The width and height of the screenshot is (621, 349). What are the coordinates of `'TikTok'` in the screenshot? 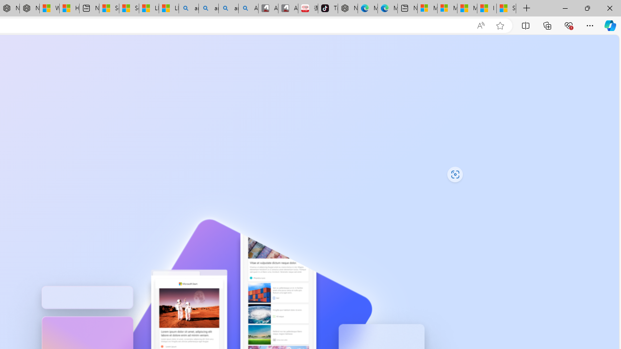 It's located at (327, 8).